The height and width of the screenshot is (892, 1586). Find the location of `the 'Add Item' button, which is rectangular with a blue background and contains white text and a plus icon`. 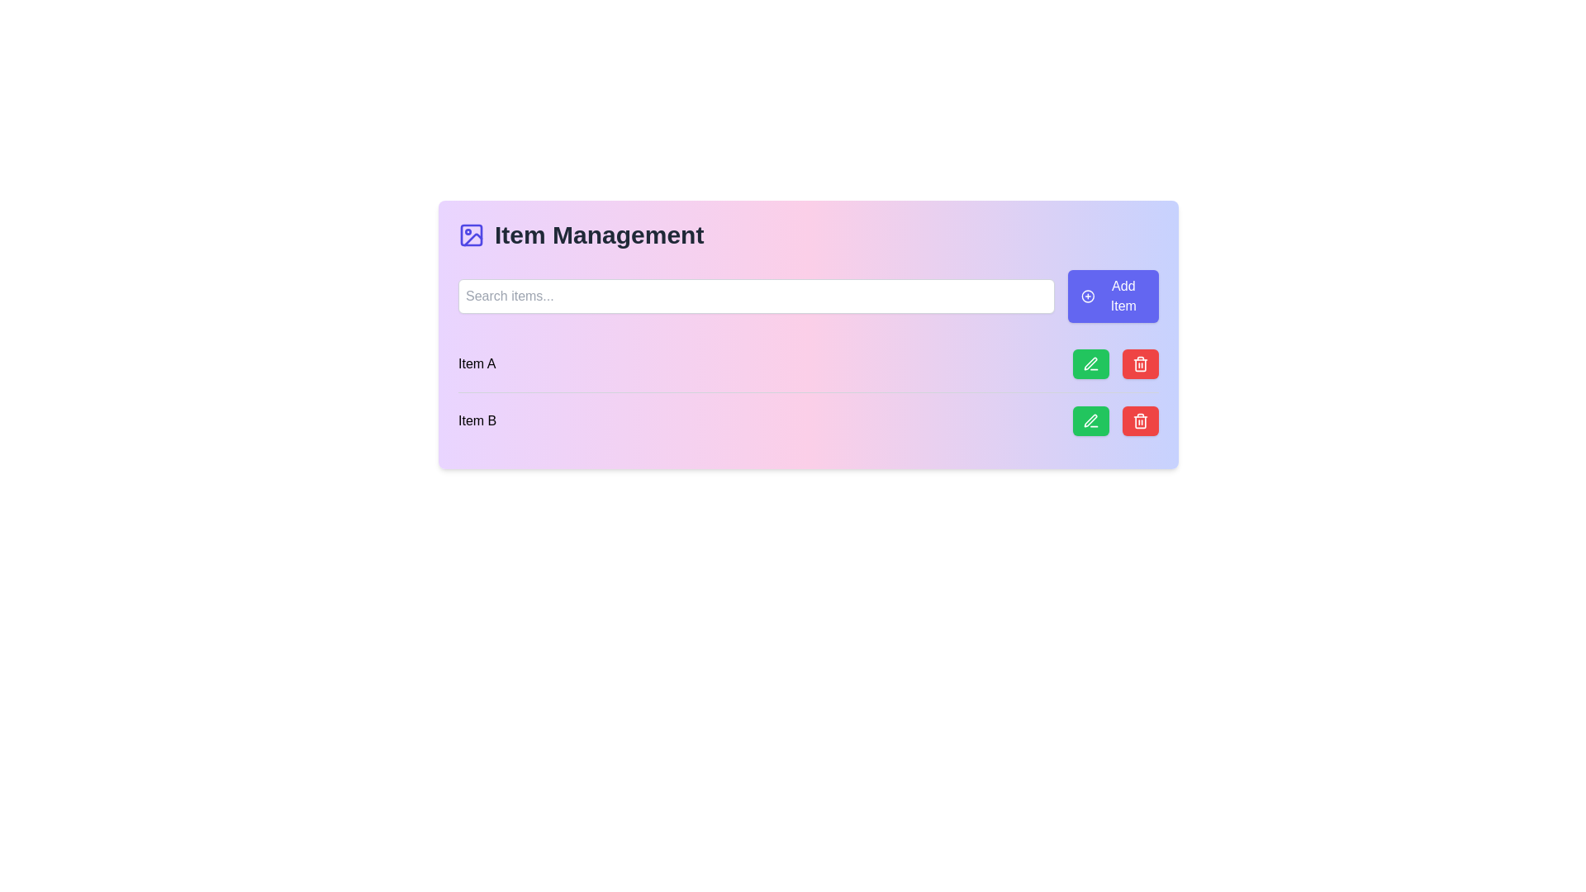

the 'Add Item' button, which is rectangular with a blue background and contains white text and a plus icon is located at coordinates (1114, 295).